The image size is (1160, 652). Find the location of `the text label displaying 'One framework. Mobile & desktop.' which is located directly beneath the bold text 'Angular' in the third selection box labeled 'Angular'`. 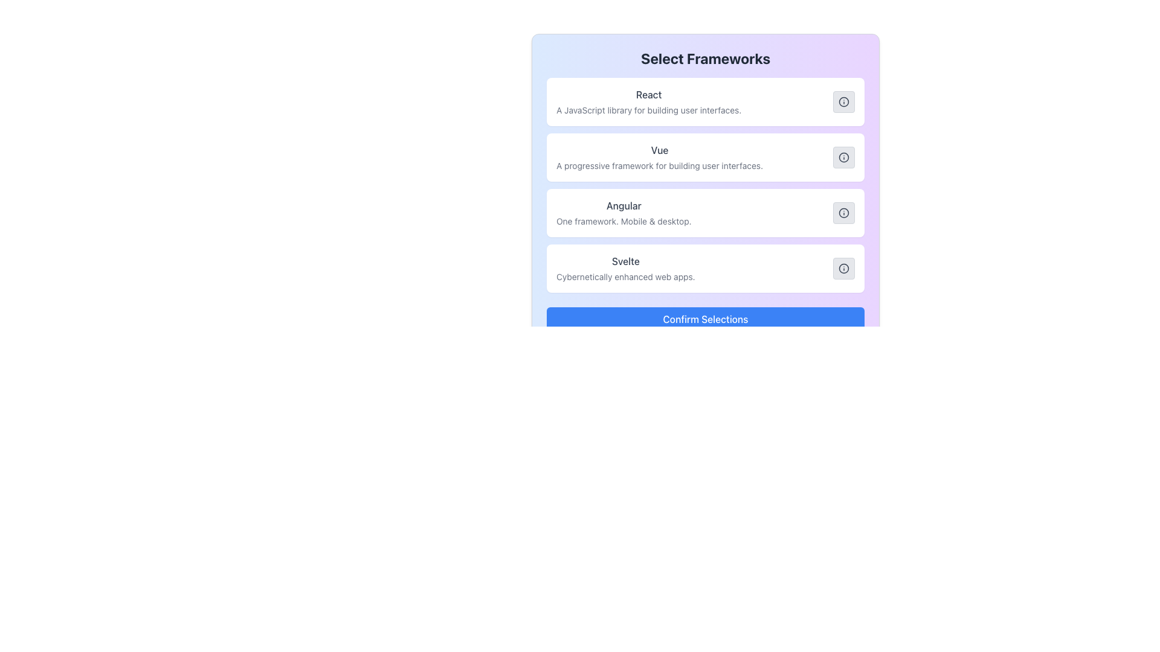

the text label displaying 'One framework. Mobile & desktop.' which is located directly beneath the bold text 'Angular' in the third selection box labeled 'Angular' is located at coordinates (623, 221).